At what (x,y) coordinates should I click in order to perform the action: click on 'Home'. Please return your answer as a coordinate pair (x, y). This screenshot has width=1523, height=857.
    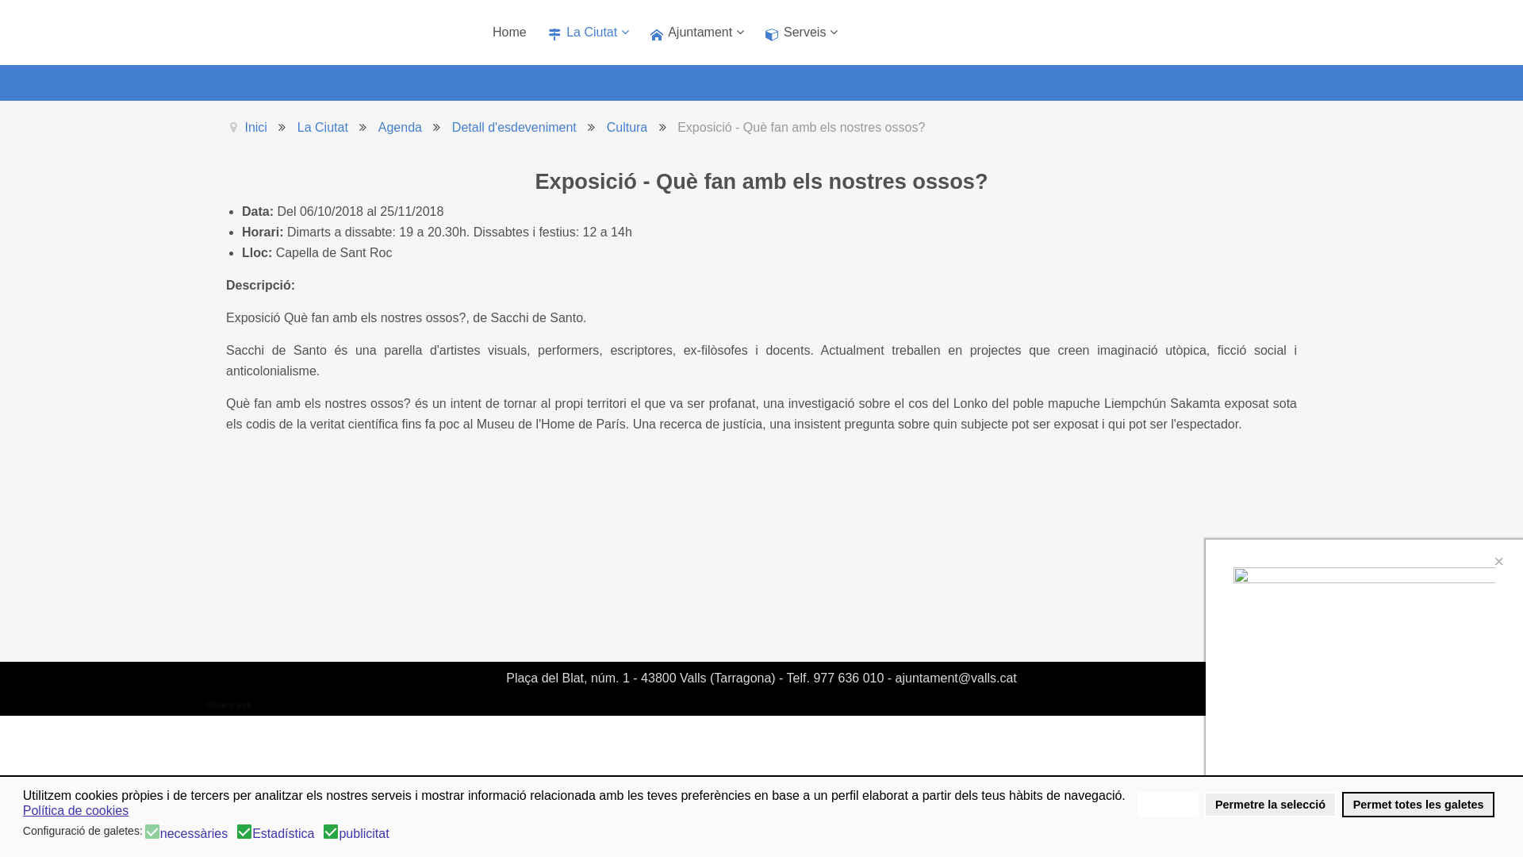
    Looking at the image, I should click on (509, 33).